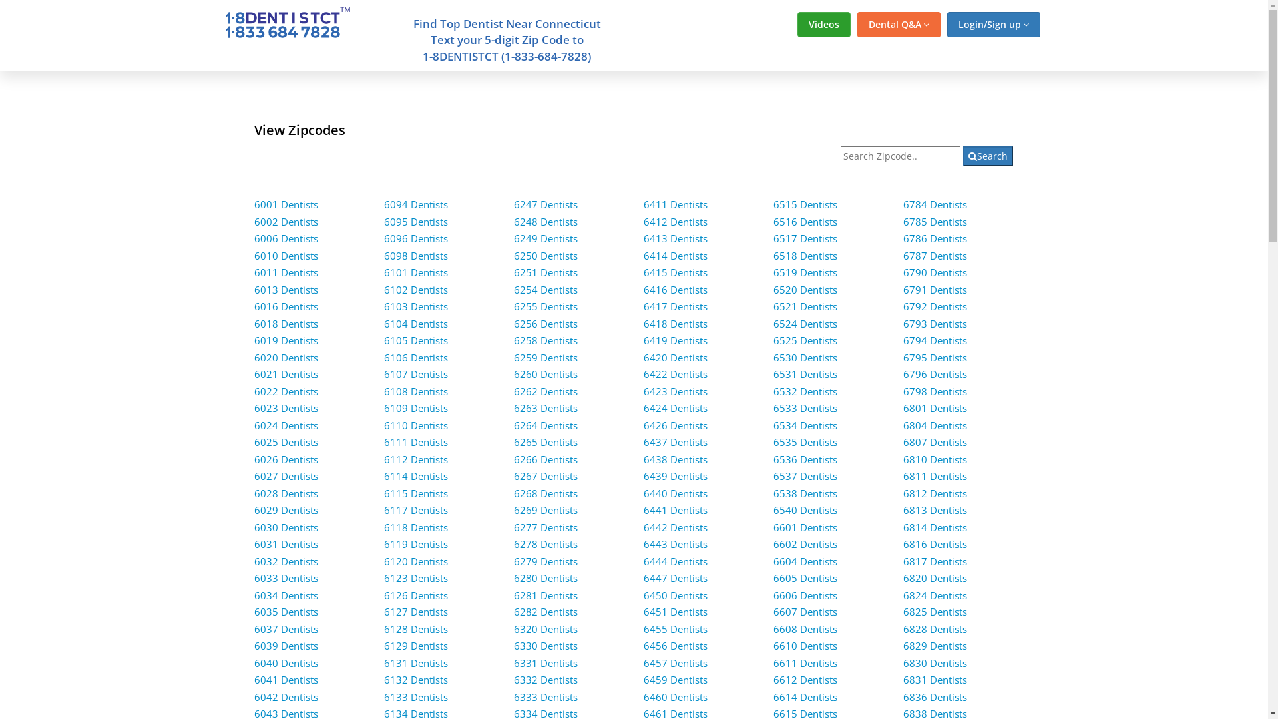 The height and width of the screenshot is (719, 1278). Describe the element at coordinates (935, 680) in the screenshot. I see `'6831 Dentists'` at that location.